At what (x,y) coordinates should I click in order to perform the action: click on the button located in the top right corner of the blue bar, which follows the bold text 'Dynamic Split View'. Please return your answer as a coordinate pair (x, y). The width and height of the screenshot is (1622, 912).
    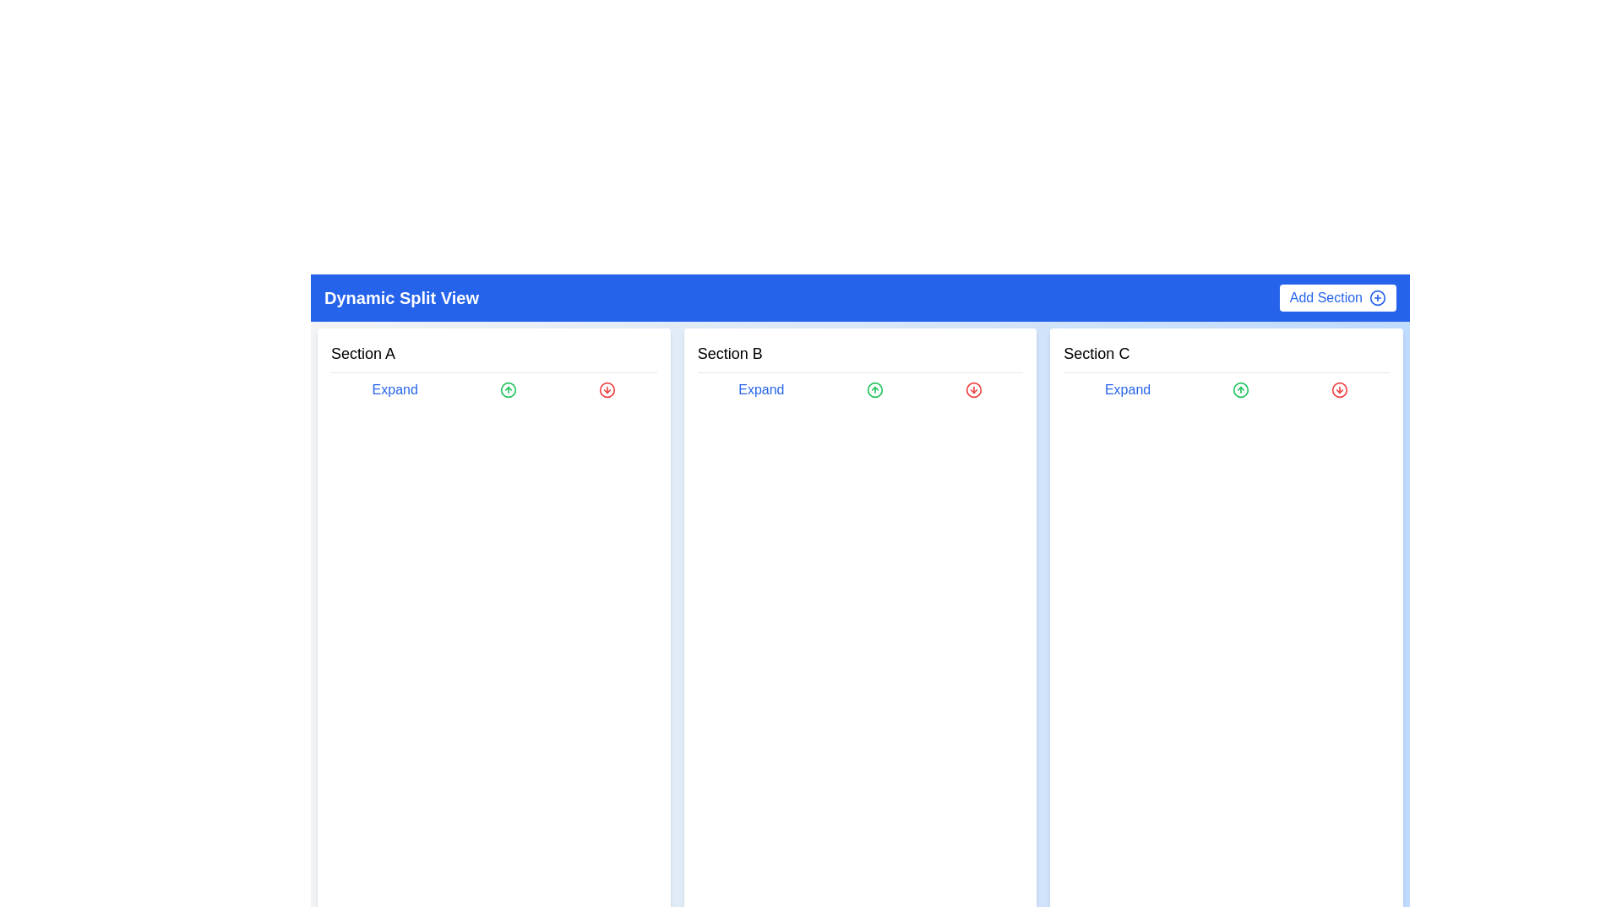
    Looking at the image, I should click on (1336, 297).